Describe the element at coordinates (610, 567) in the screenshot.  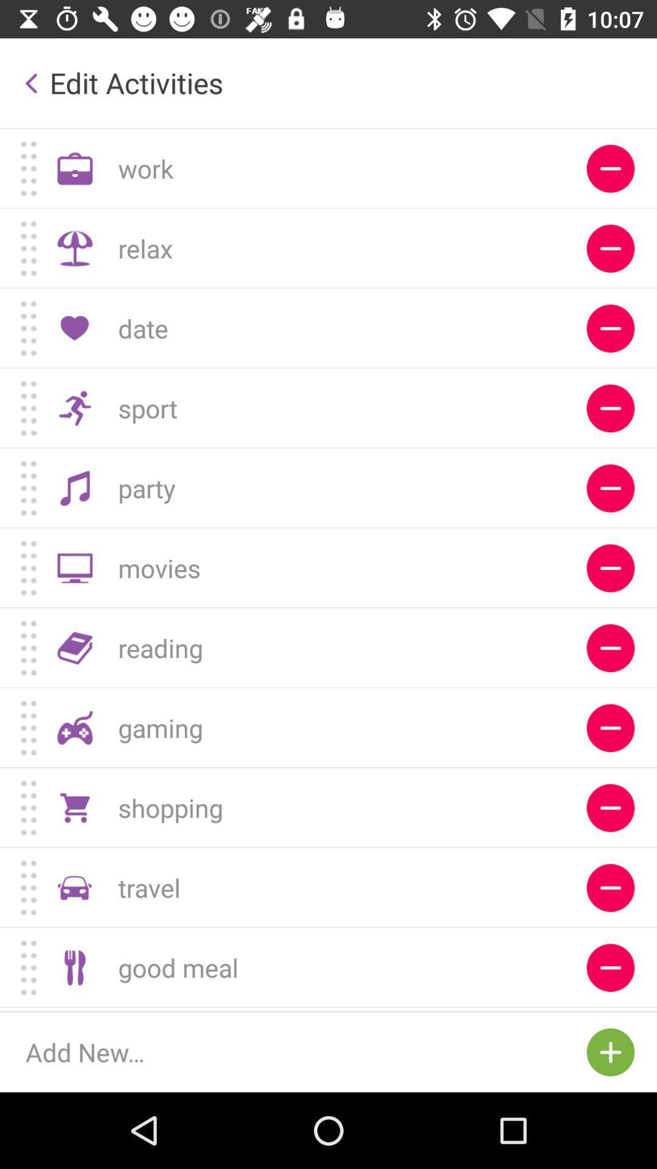
I see `delete movies activity` at that location.